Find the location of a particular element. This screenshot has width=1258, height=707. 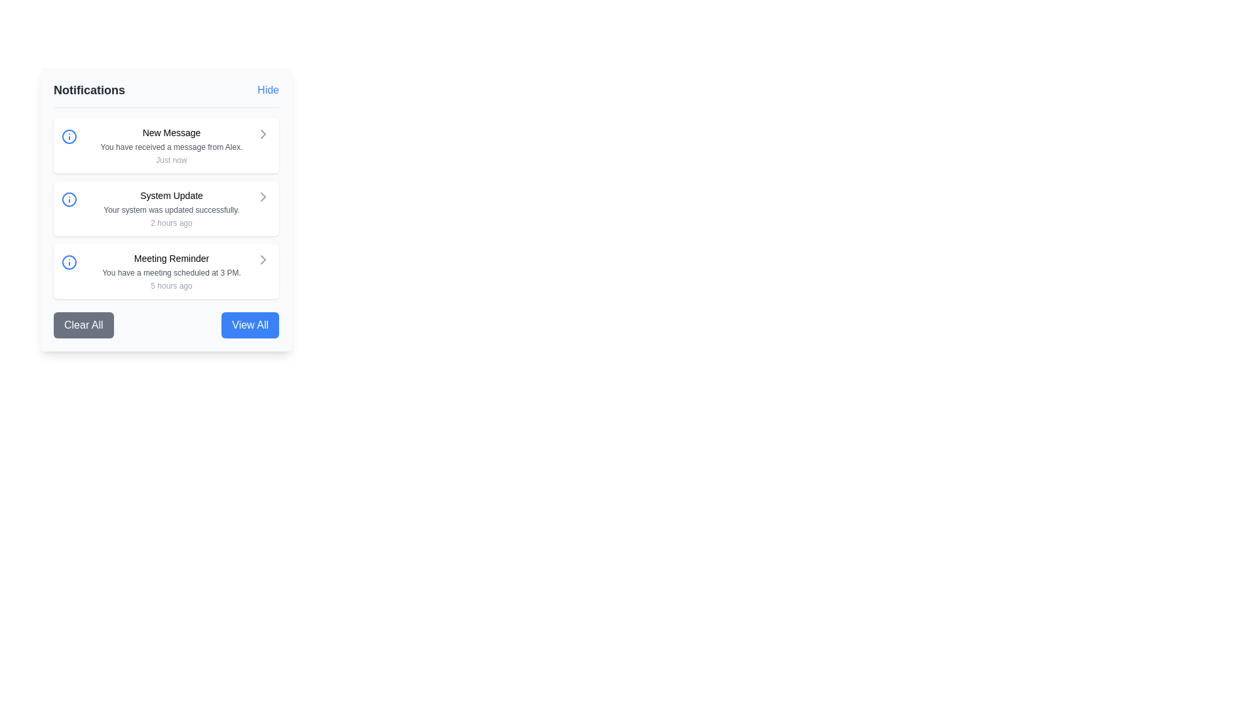

the small text label displaying '5 hours ago', which is positioned below the notification description of 'You have a meeting scheduled at 3 PM.' within the 'Meeting Reminder' notification card is located at coordinates (171, 285).